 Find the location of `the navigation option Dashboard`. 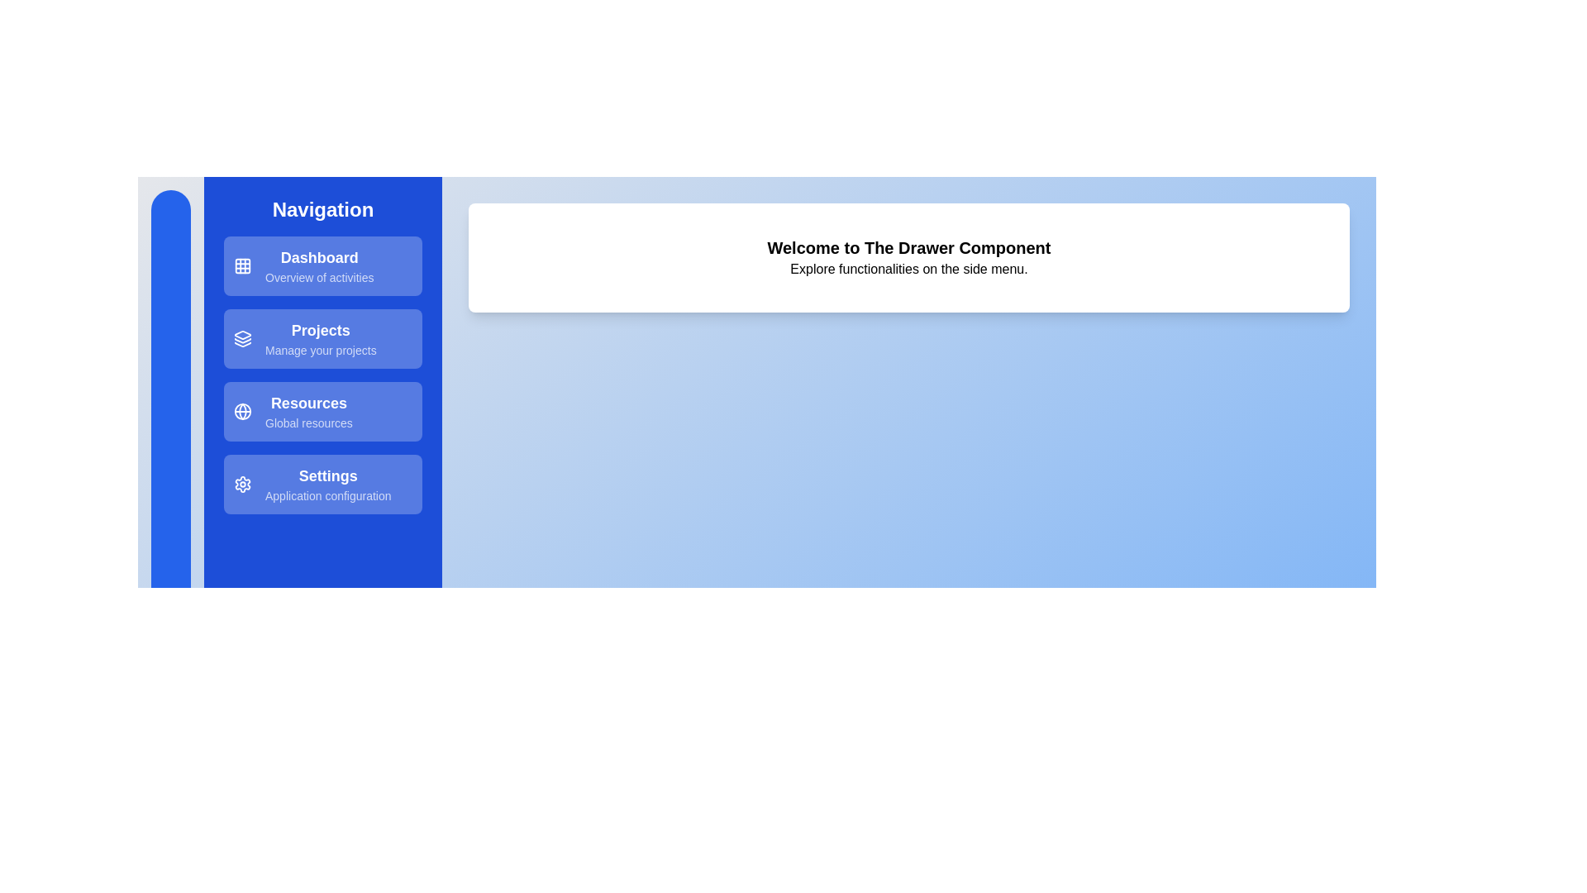

the navigation option Dashboard is located at coordinates (322, 265).